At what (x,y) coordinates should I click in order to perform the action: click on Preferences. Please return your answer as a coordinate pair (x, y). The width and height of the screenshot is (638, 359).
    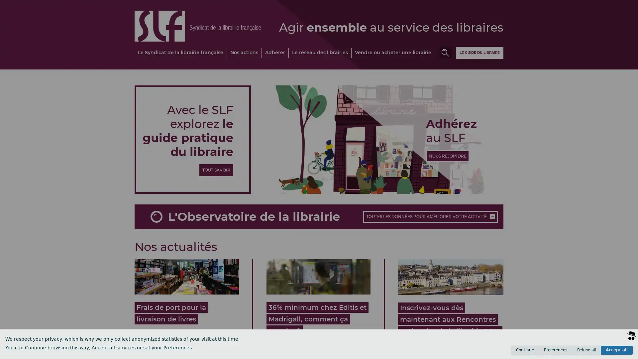
    Looking at the image, I should click on (555, 350).